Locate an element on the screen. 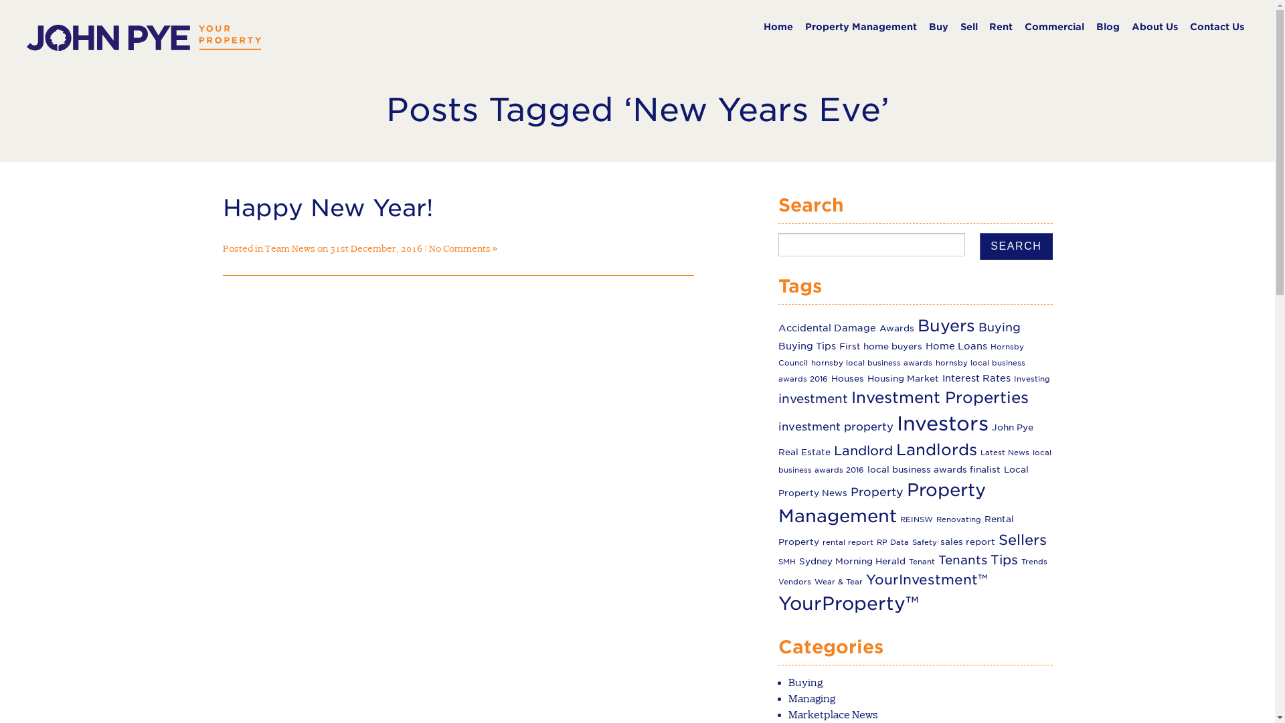  'Team News' is located at coordinates (289, 248).